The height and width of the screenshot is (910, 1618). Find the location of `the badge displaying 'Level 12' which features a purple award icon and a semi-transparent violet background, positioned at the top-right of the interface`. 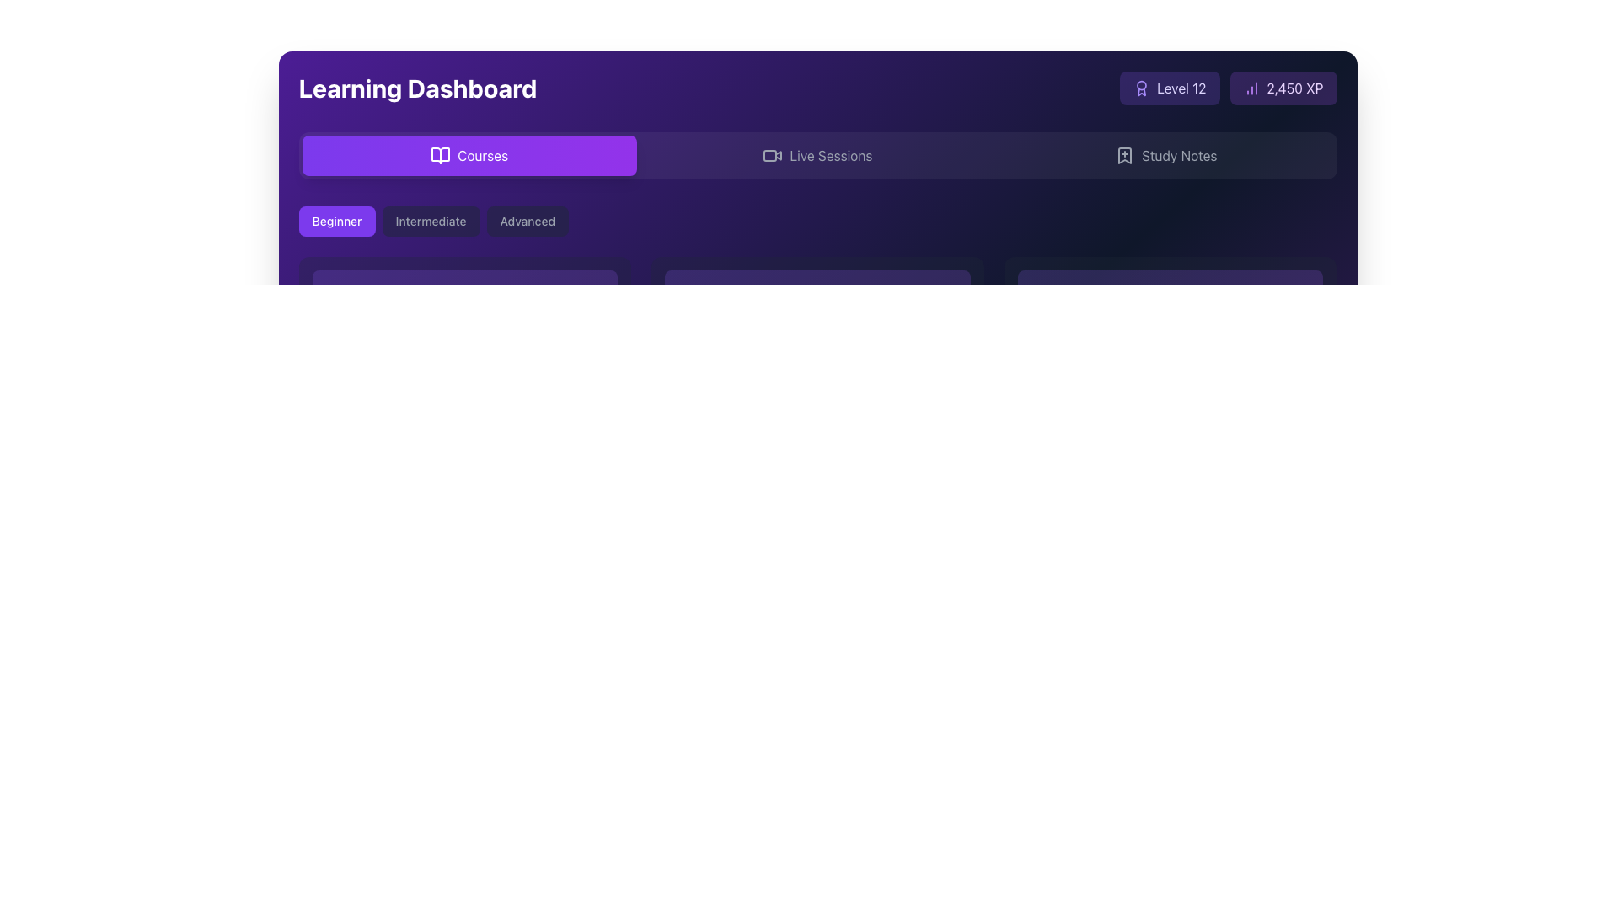

the badge displaying 'Level 12' which features a purple award icon and a semi-transparent violet background, positioned at the top-right of the interface is located at coordinates (1169, 88).